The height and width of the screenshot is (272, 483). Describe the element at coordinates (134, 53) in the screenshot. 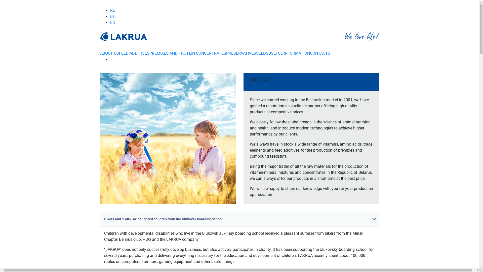

I see `'FEED ADDITIVES'` at that location.